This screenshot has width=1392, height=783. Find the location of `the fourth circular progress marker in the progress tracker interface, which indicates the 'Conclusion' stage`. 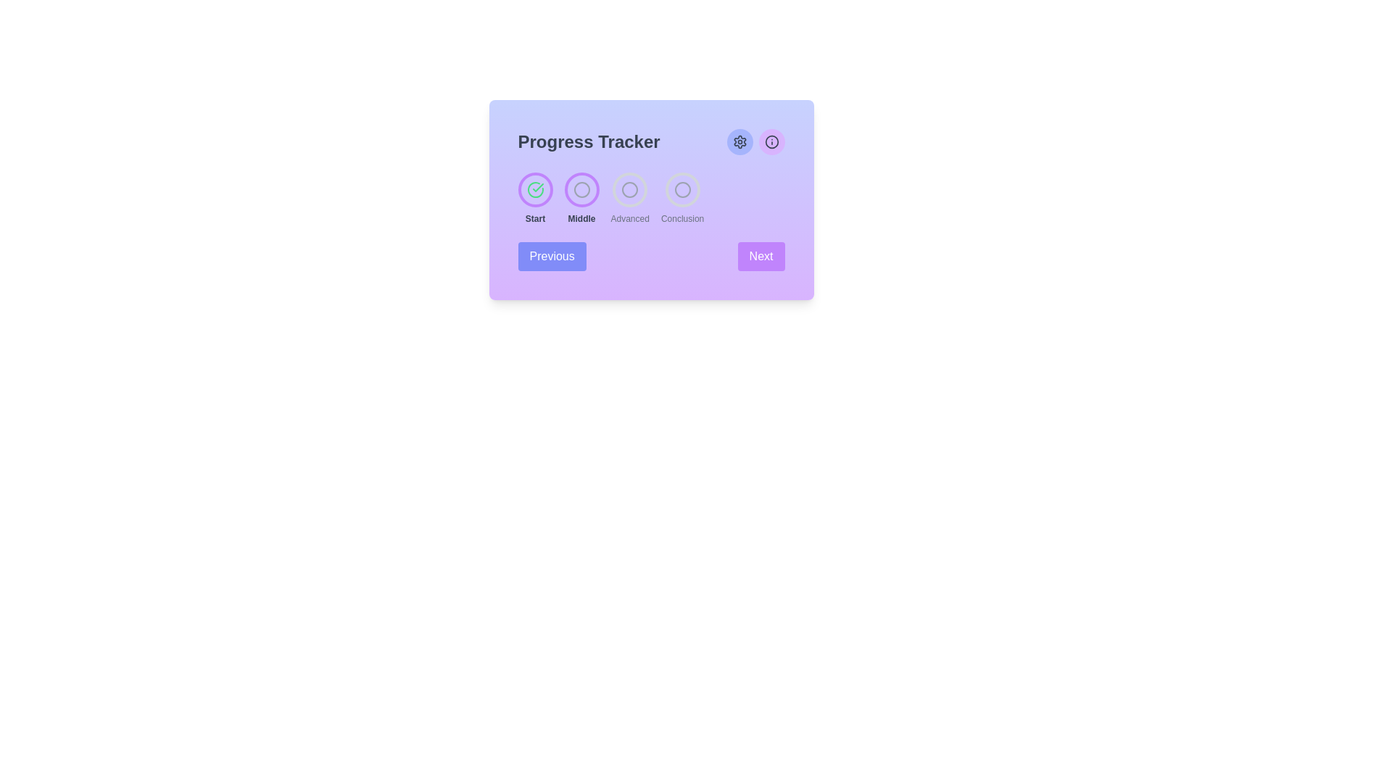

the fourth circular progress marker in the progress tracker interface, which indicates the 'Conclusion' stage is located at coordinates (681, 189).